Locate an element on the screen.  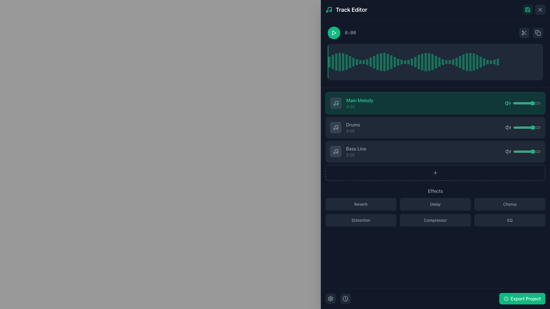
the 'Distortion' effect button in the audio editing interface is located at coordinates (360, 220).